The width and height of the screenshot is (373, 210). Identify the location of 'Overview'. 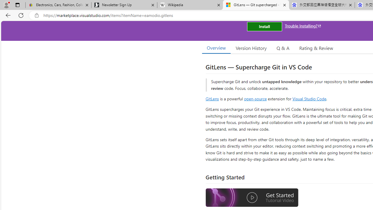
(216, 48).